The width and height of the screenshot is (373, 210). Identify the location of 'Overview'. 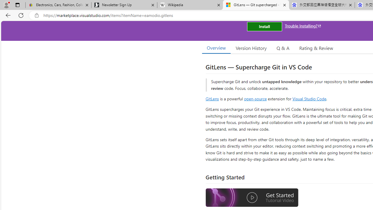
(216, 48).